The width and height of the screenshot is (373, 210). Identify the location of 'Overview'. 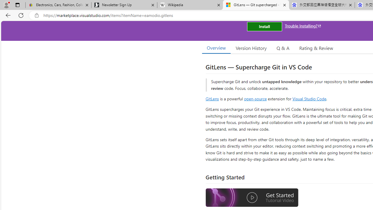
(216, 48).